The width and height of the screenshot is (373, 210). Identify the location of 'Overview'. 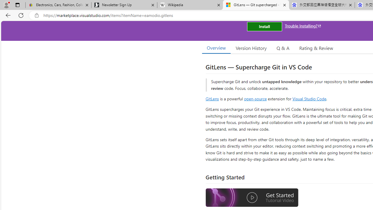
(216, 48).